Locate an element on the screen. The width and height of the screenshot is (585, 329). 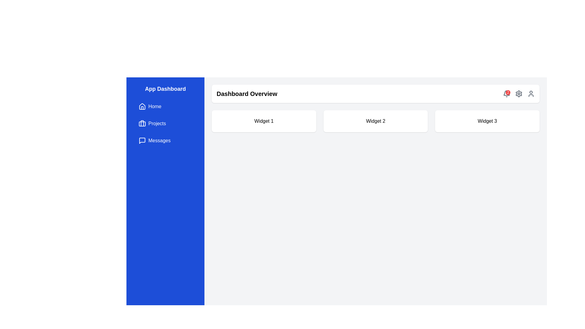
the gear-shaped configuration icon located on the top navigation bar is located at coordinates (519, 94).